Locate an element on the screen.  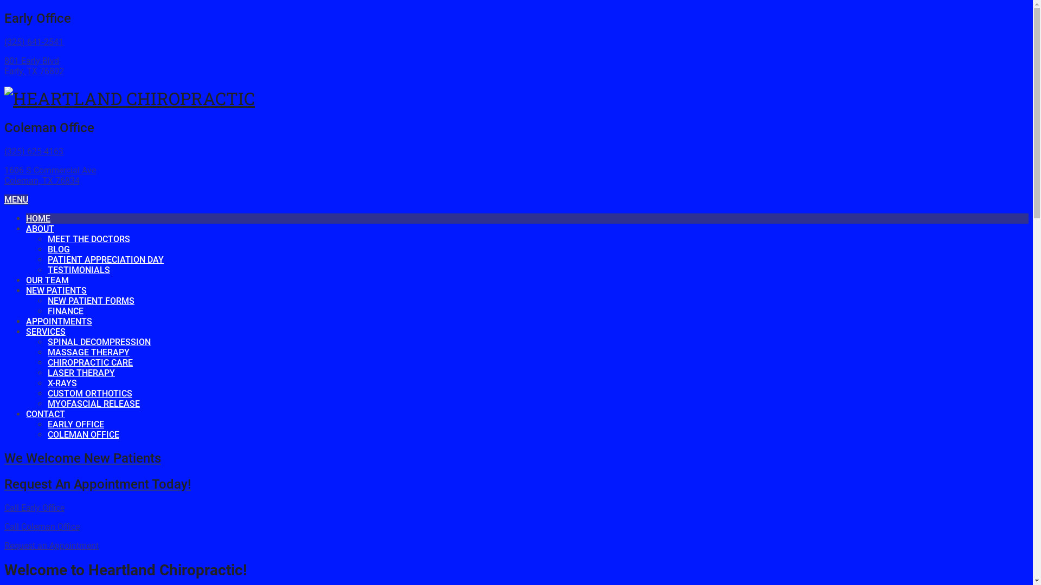
'801 Early Blvd is located at coordinates (34, 66).